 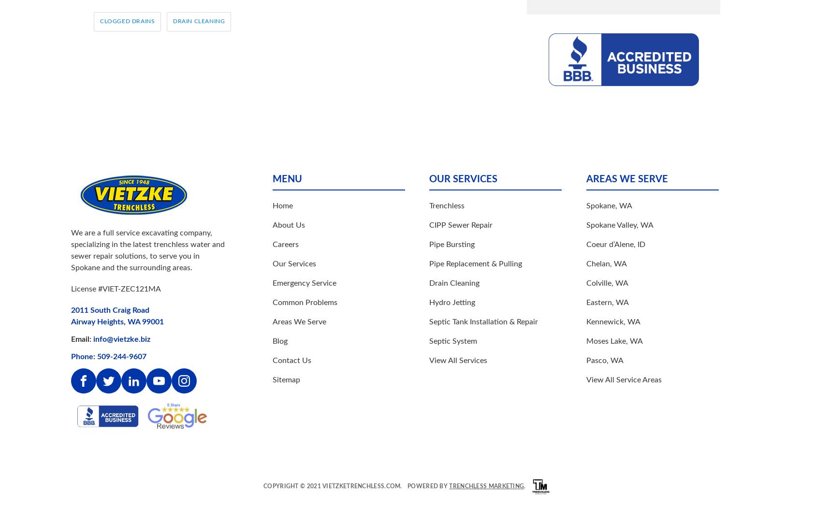 What do you see at coordinates (446, 204) in the screenshot?
I see `'Trenchless'` at bounding box center [446, 204].